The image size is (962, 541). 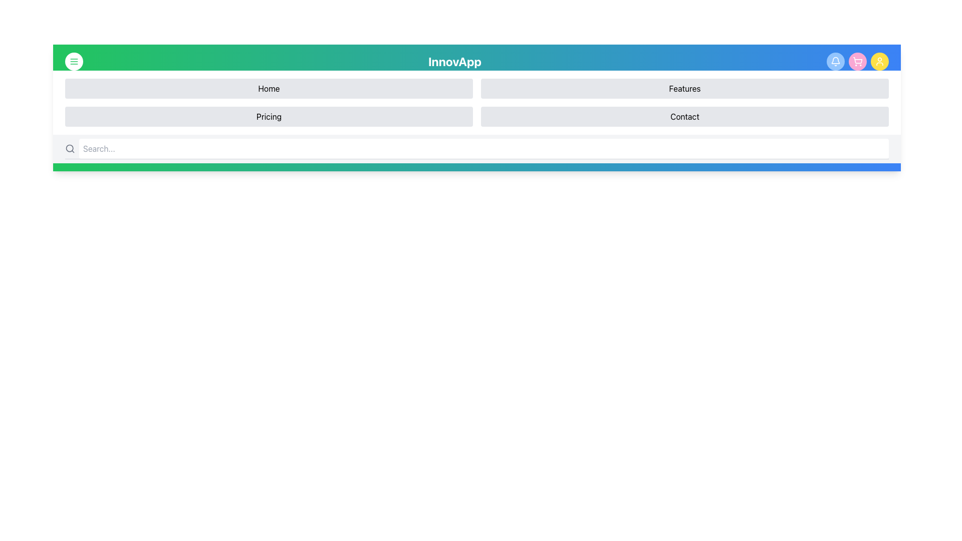 I want to click on the shopping cart button located at the top-right corner of the page, positioned between the blue notification icon and the yellow user profile icon, so click(x=857, y=62).